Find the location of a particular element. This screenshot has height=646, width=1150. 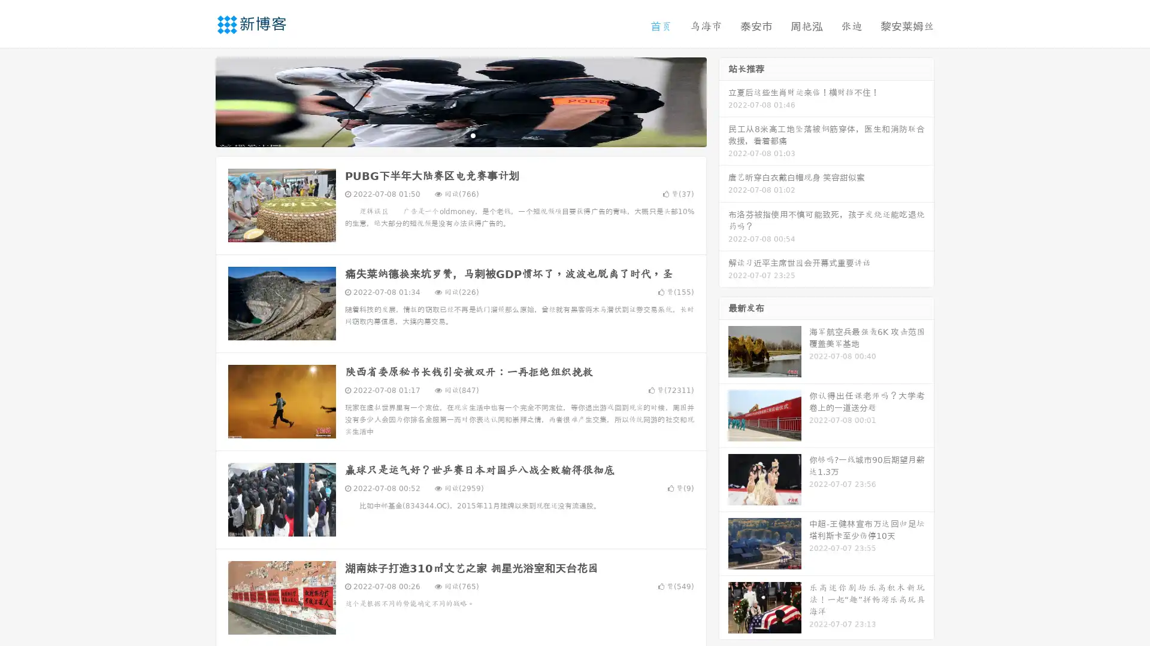

Go to slide 3 is located at coordinates (473, 135).